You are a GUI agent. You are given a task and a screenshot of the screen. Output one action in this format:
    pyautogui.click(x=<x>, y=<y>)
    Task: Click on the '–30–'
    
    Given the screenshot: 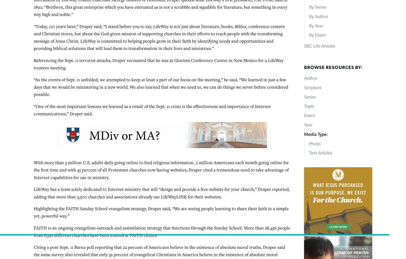 What is the action you would take?
    pyautogui.click(x=38, y=97)
    